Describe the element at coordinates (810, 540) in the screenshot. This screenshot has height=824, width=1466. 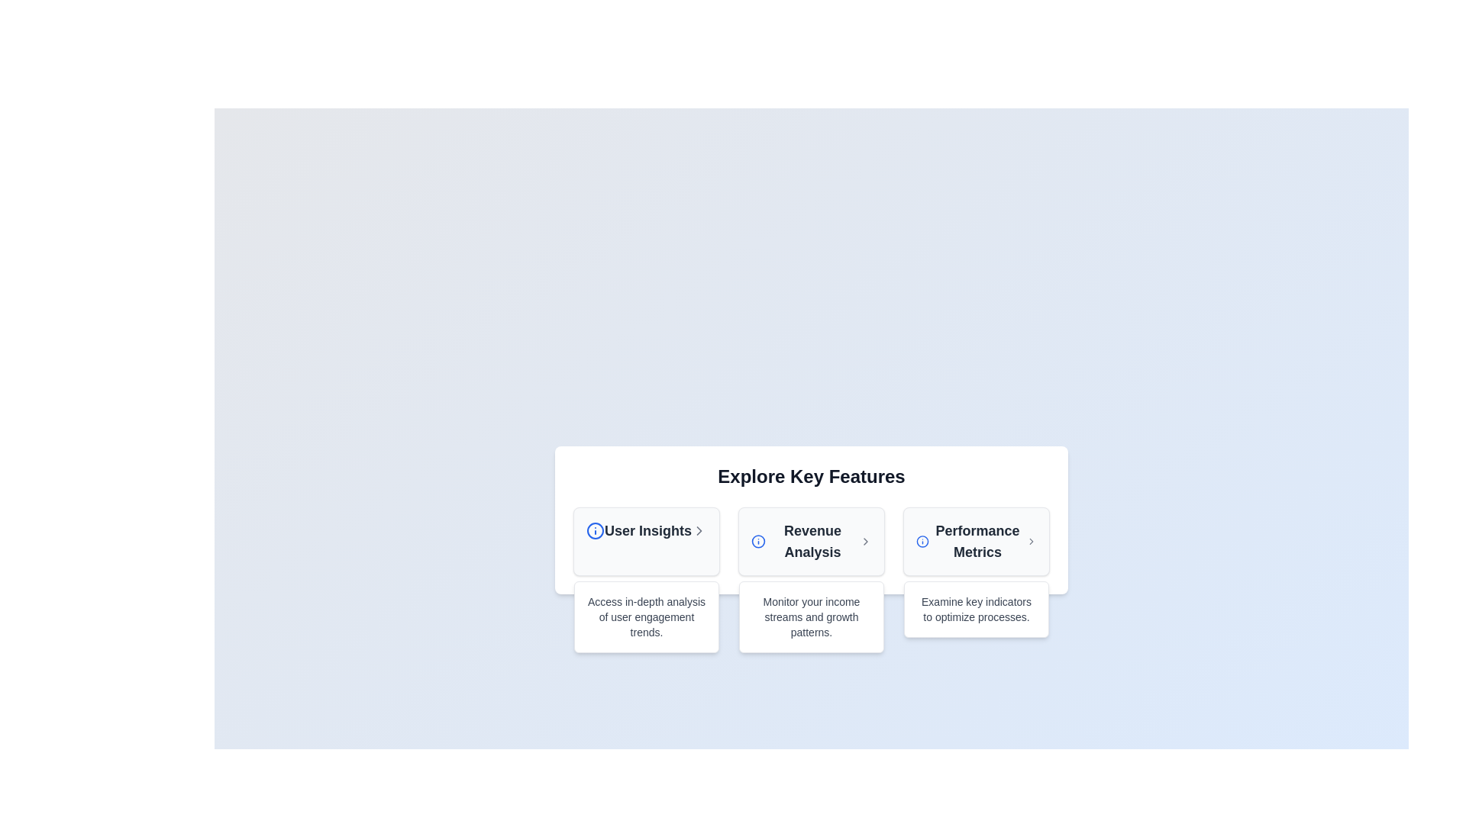
I see `the 'Revenue Analysis' card, which is a rectangular card with a light background and rounded corners, located in the middle of three cards under 'Explore Key Features'` at that location.